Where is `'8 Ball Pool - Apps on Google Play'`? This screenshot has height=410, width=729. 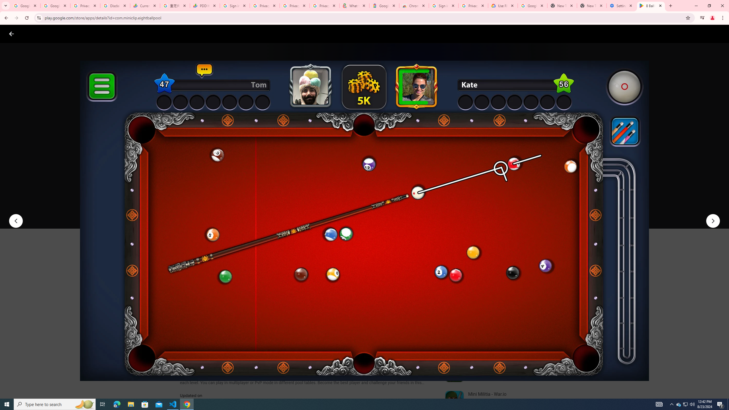 '8 Ball Pool - Apps on Google Play' is located at coordinates (651, 5).